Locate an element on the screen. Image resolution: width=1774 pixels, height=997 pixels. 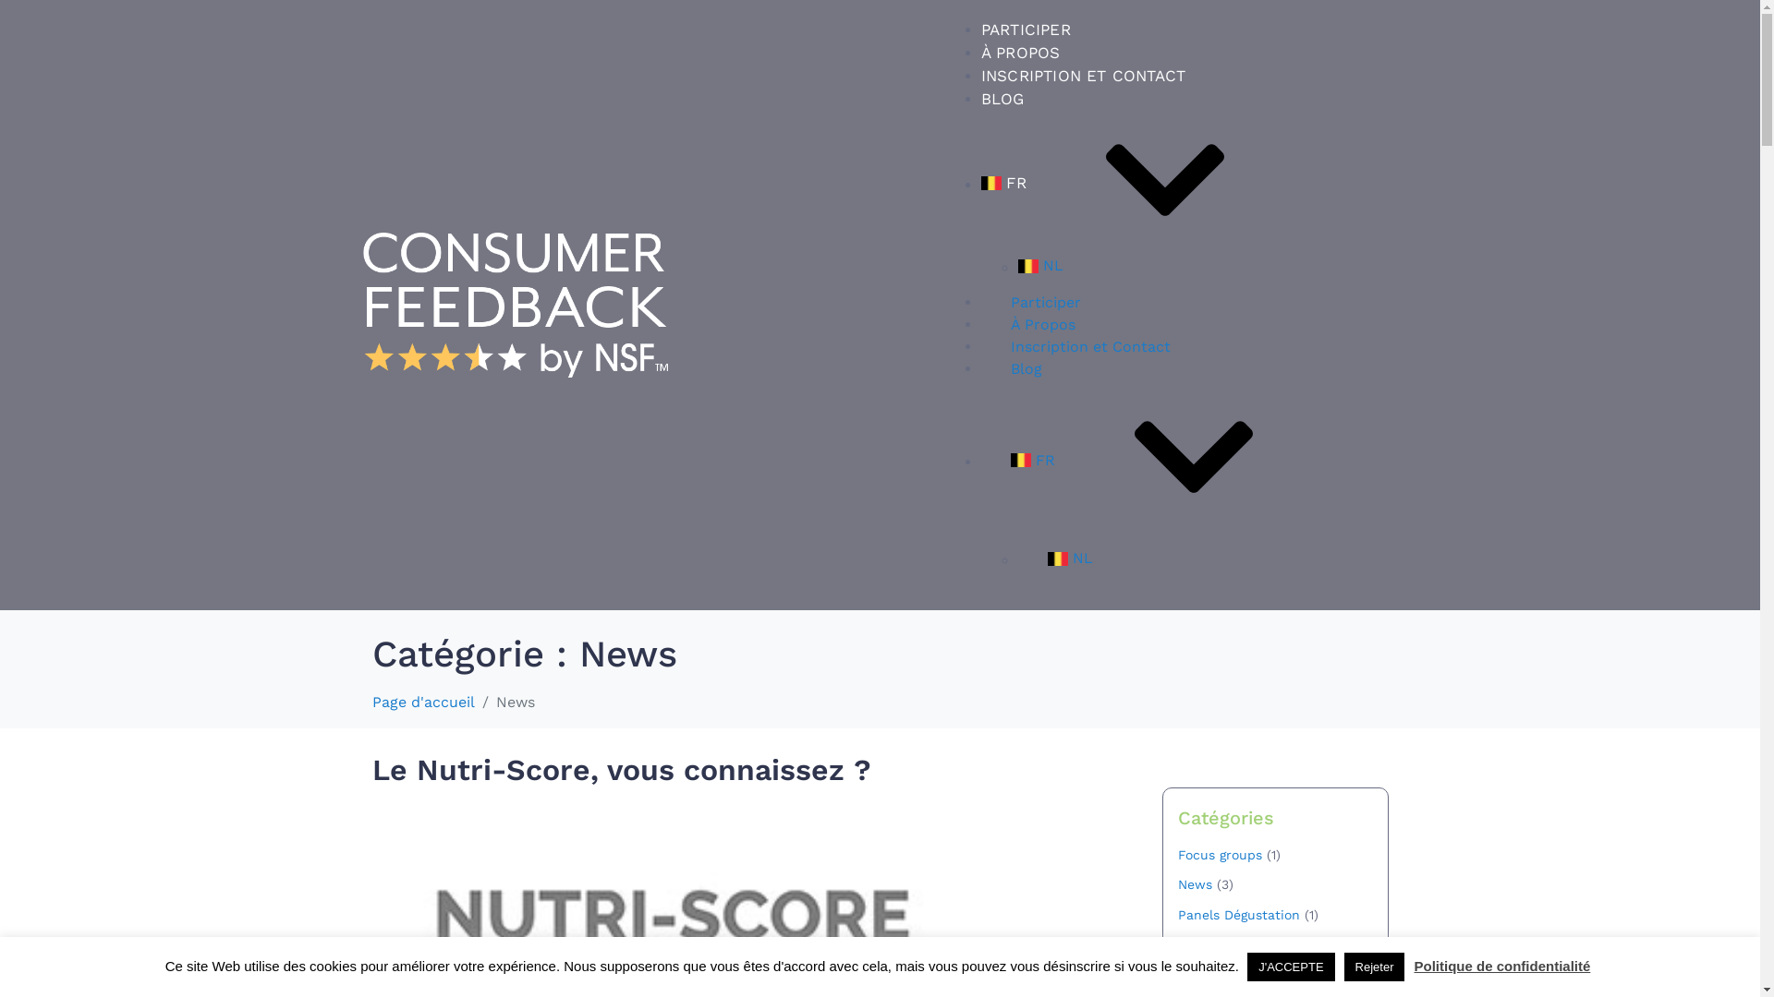
'NL' is located at coordinates (1189, 558).